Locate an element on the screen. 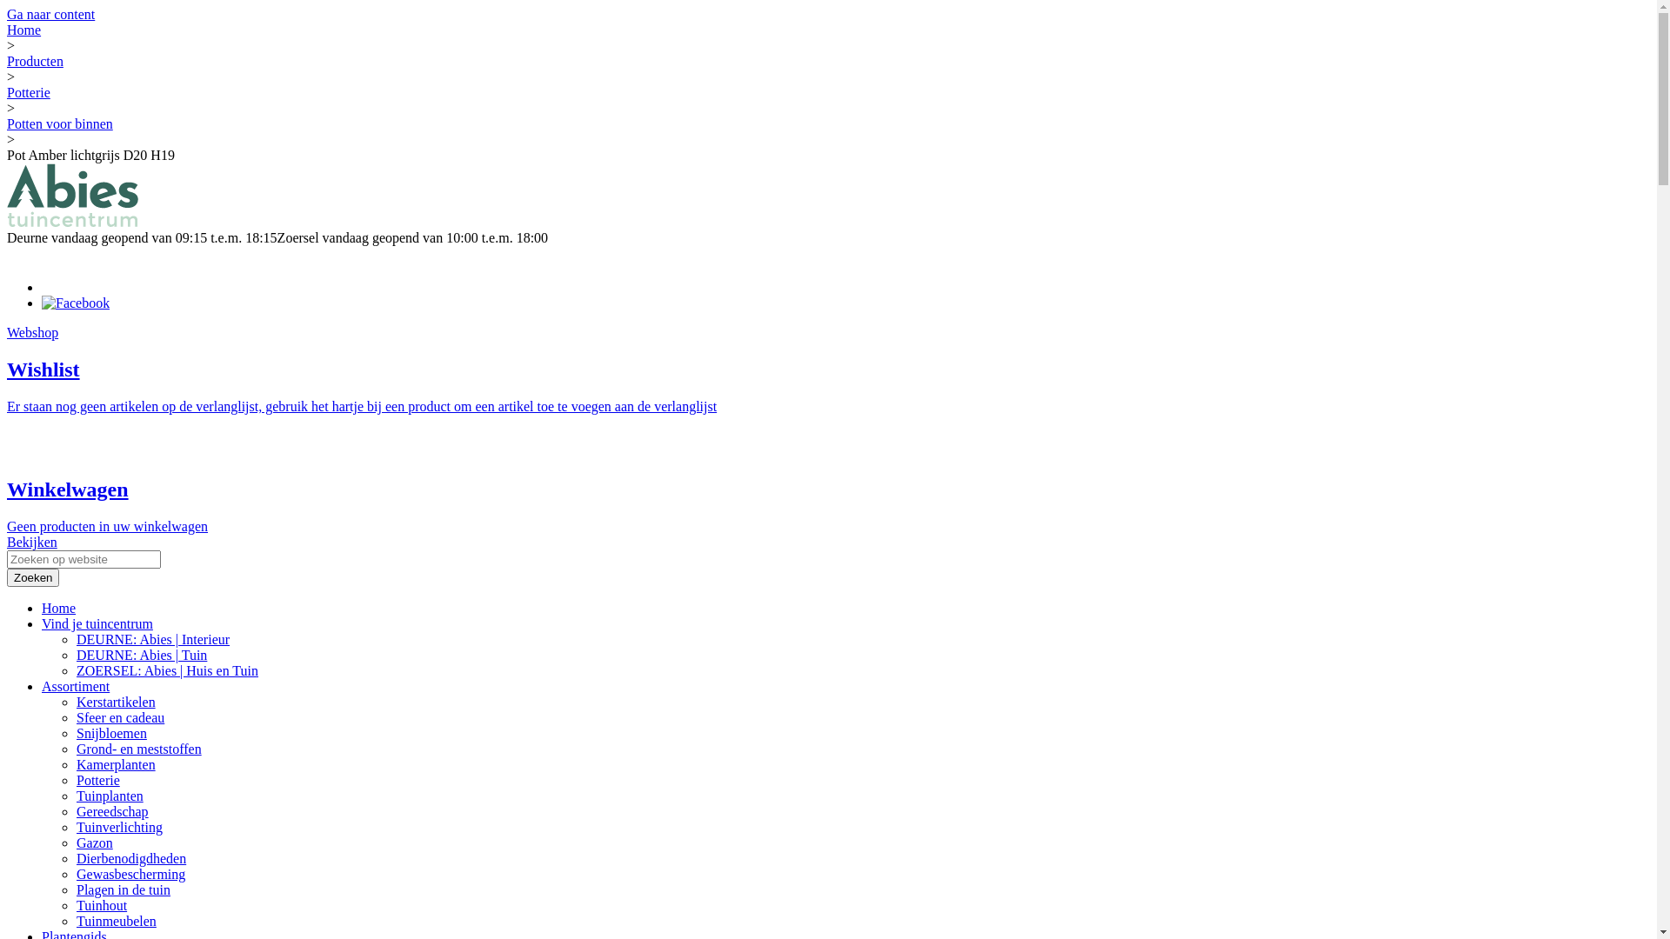 Image resolution: width=1670 pixels, height=939 pixels. 'Webshop' is located at coordinates (7, 332).